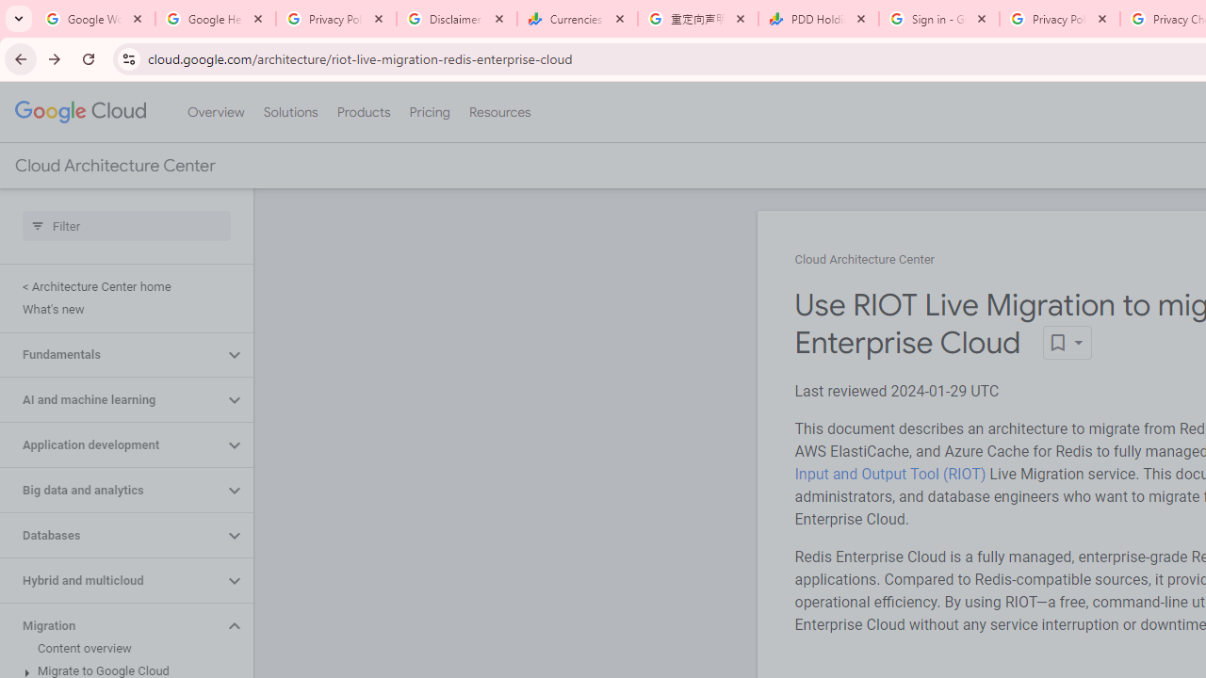 The height and width of the screenshot is (678, 1206). I want to click on 'Databases', so click(110, 536).